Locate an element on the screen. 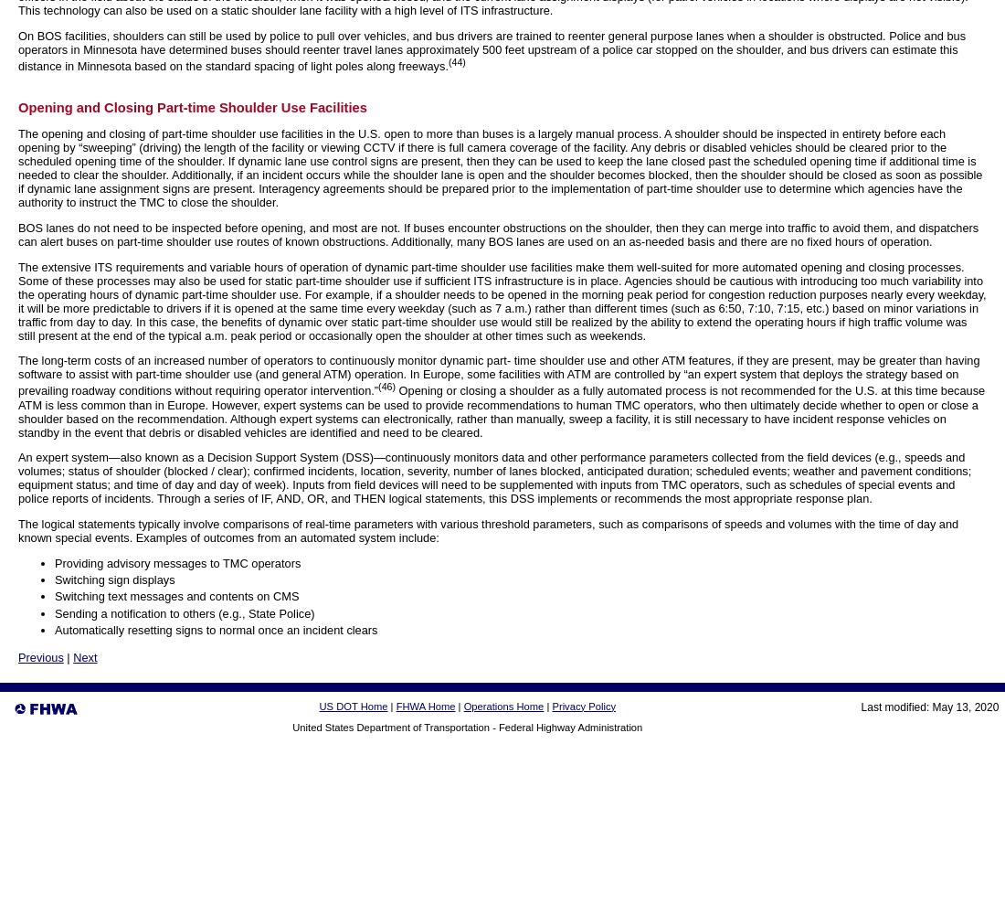 The width and height of the screenshot is (1005, 914). 'Previous' is located at coordinates (39, 655).